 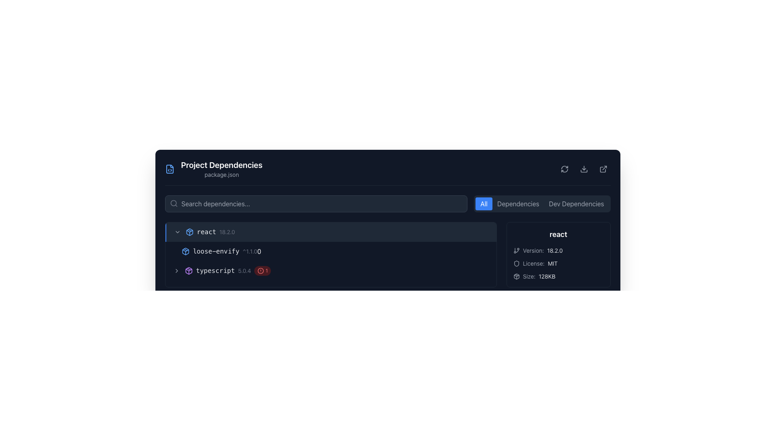 I want to click on the light gray icon button resembling a download symbol located near the top-right corner of the interface, so click(x=584, y=169).